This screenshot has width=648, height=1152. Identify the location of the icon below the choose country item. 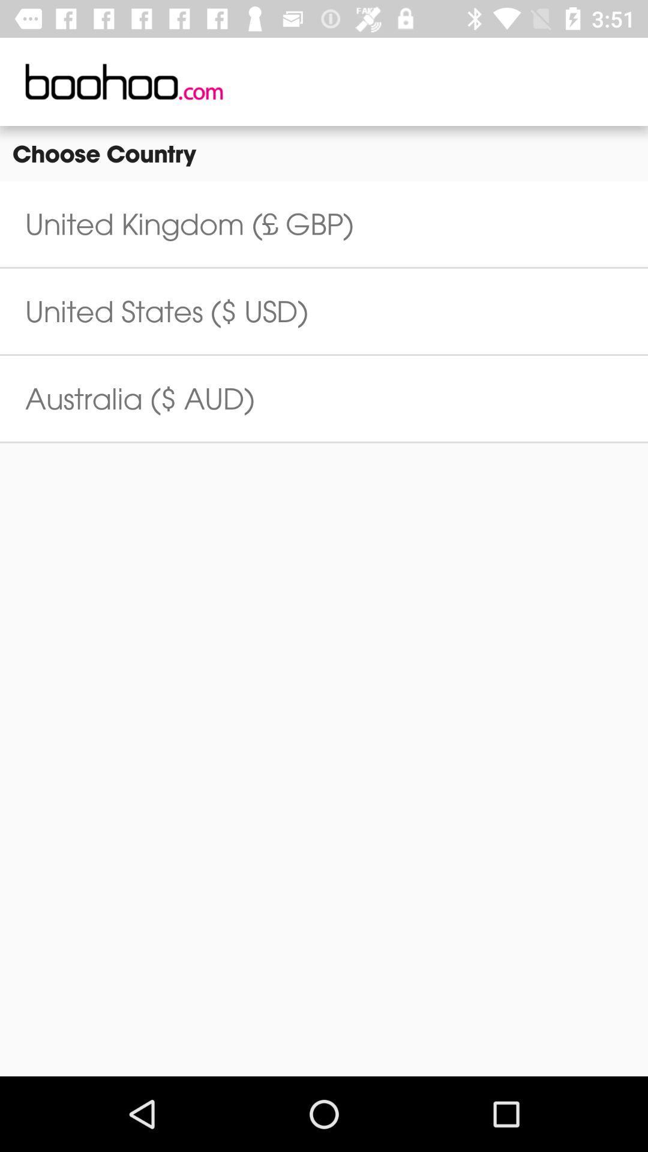
(189, 224).